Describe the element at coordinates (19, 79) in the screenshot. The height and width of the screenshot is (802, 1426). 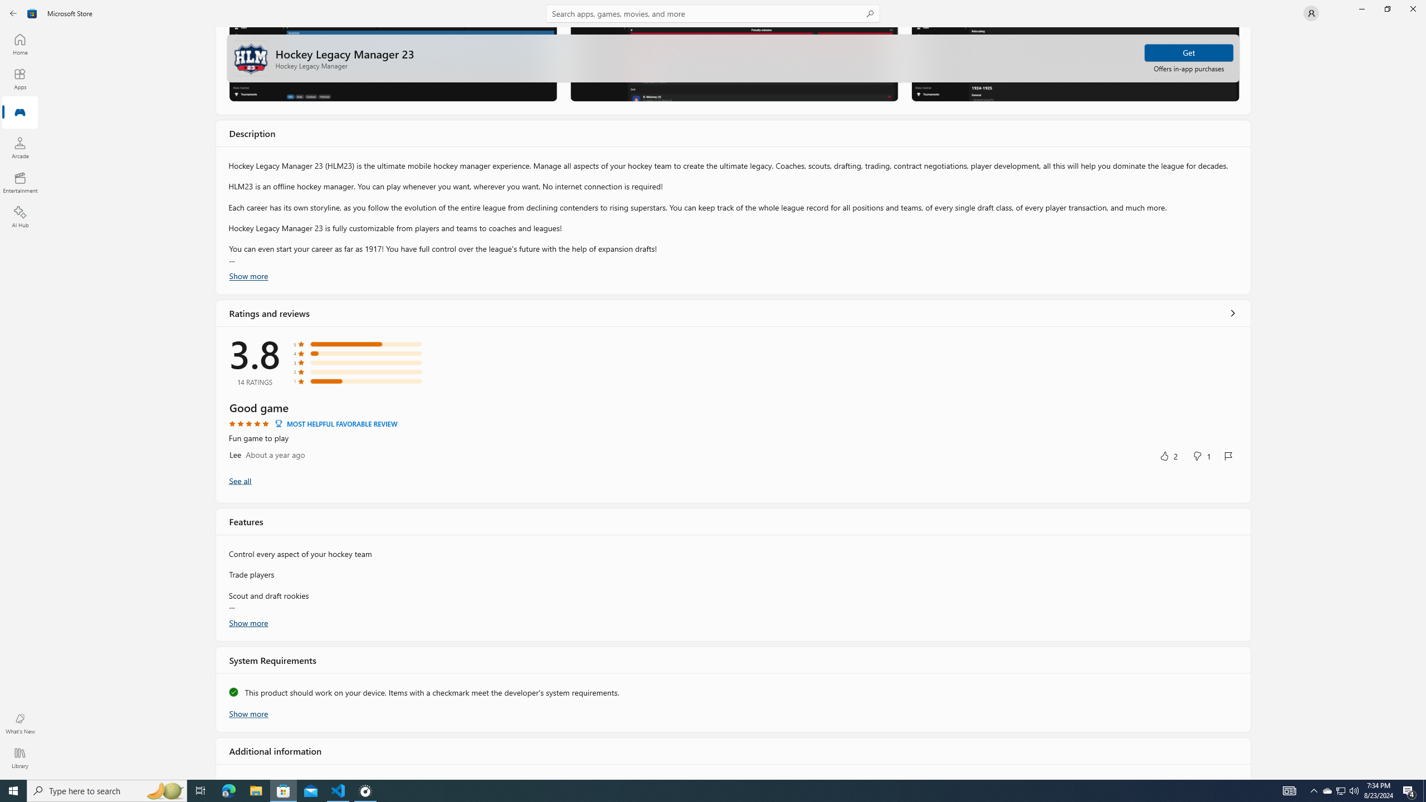
I see `'Apps'` at that location.